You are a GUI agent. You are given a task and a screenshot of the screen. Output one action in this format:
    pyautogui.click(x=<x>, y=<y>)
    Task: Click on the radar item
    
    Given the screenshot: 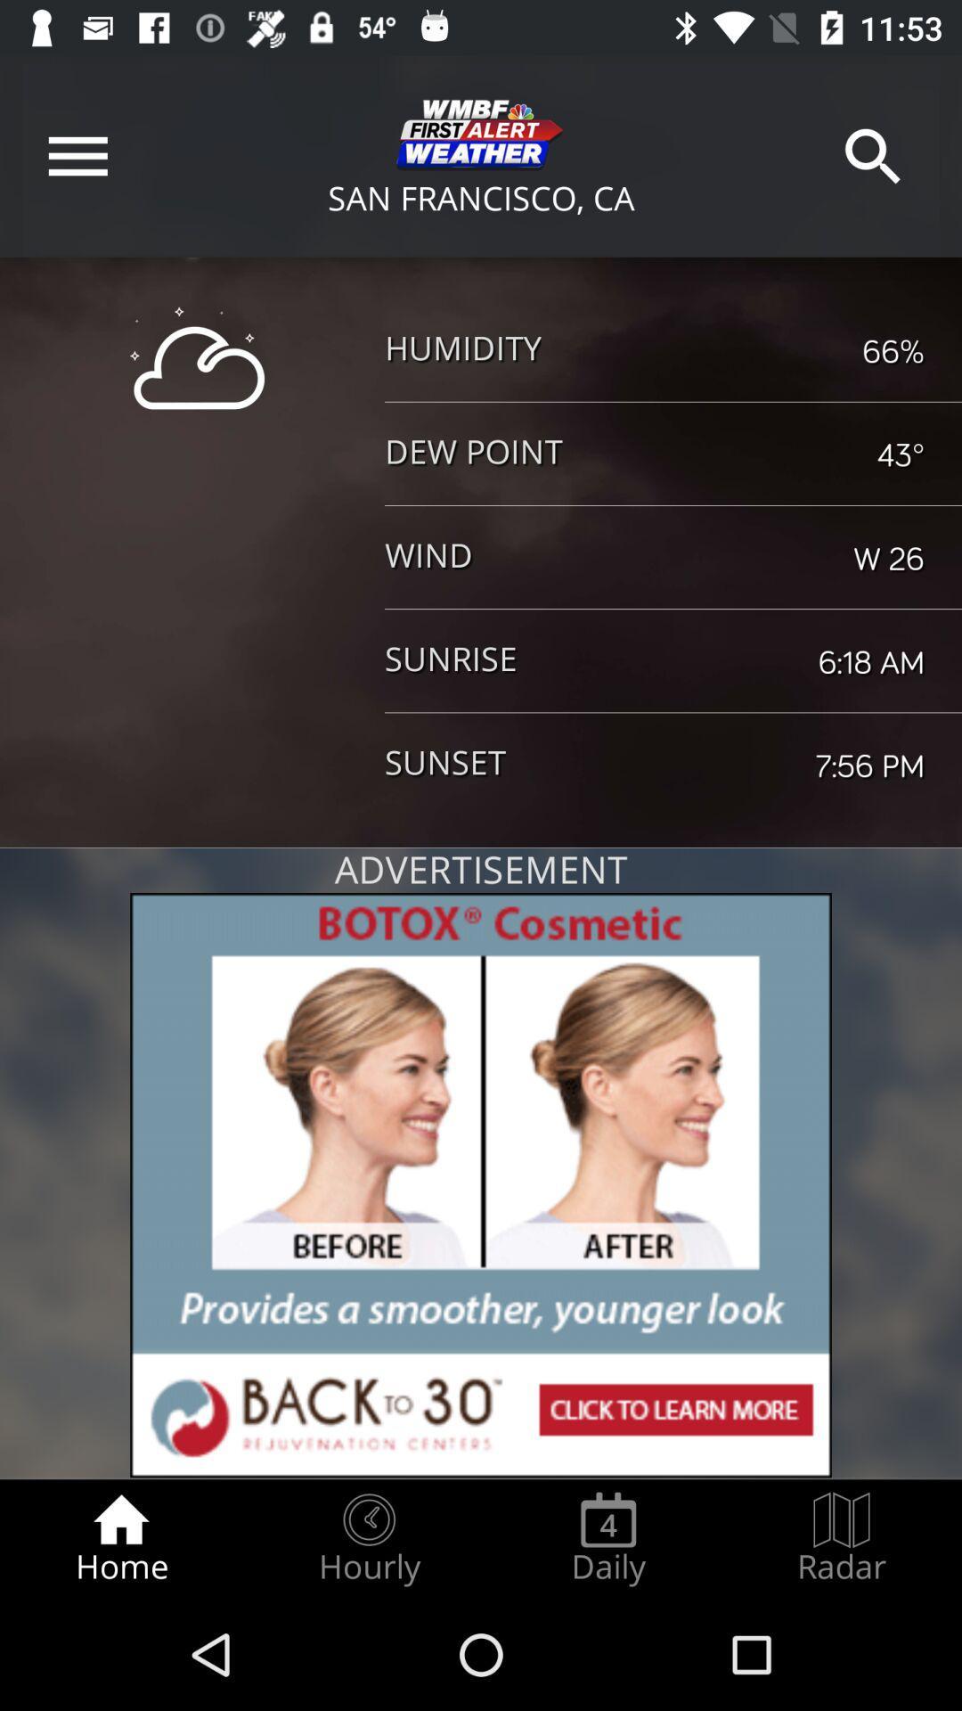 What is the action you would take?
    pyautogui.click(x=842, y=1538)
    